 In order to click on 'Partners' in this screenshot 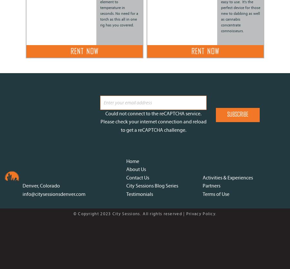, I will do `click(211, 186)`.